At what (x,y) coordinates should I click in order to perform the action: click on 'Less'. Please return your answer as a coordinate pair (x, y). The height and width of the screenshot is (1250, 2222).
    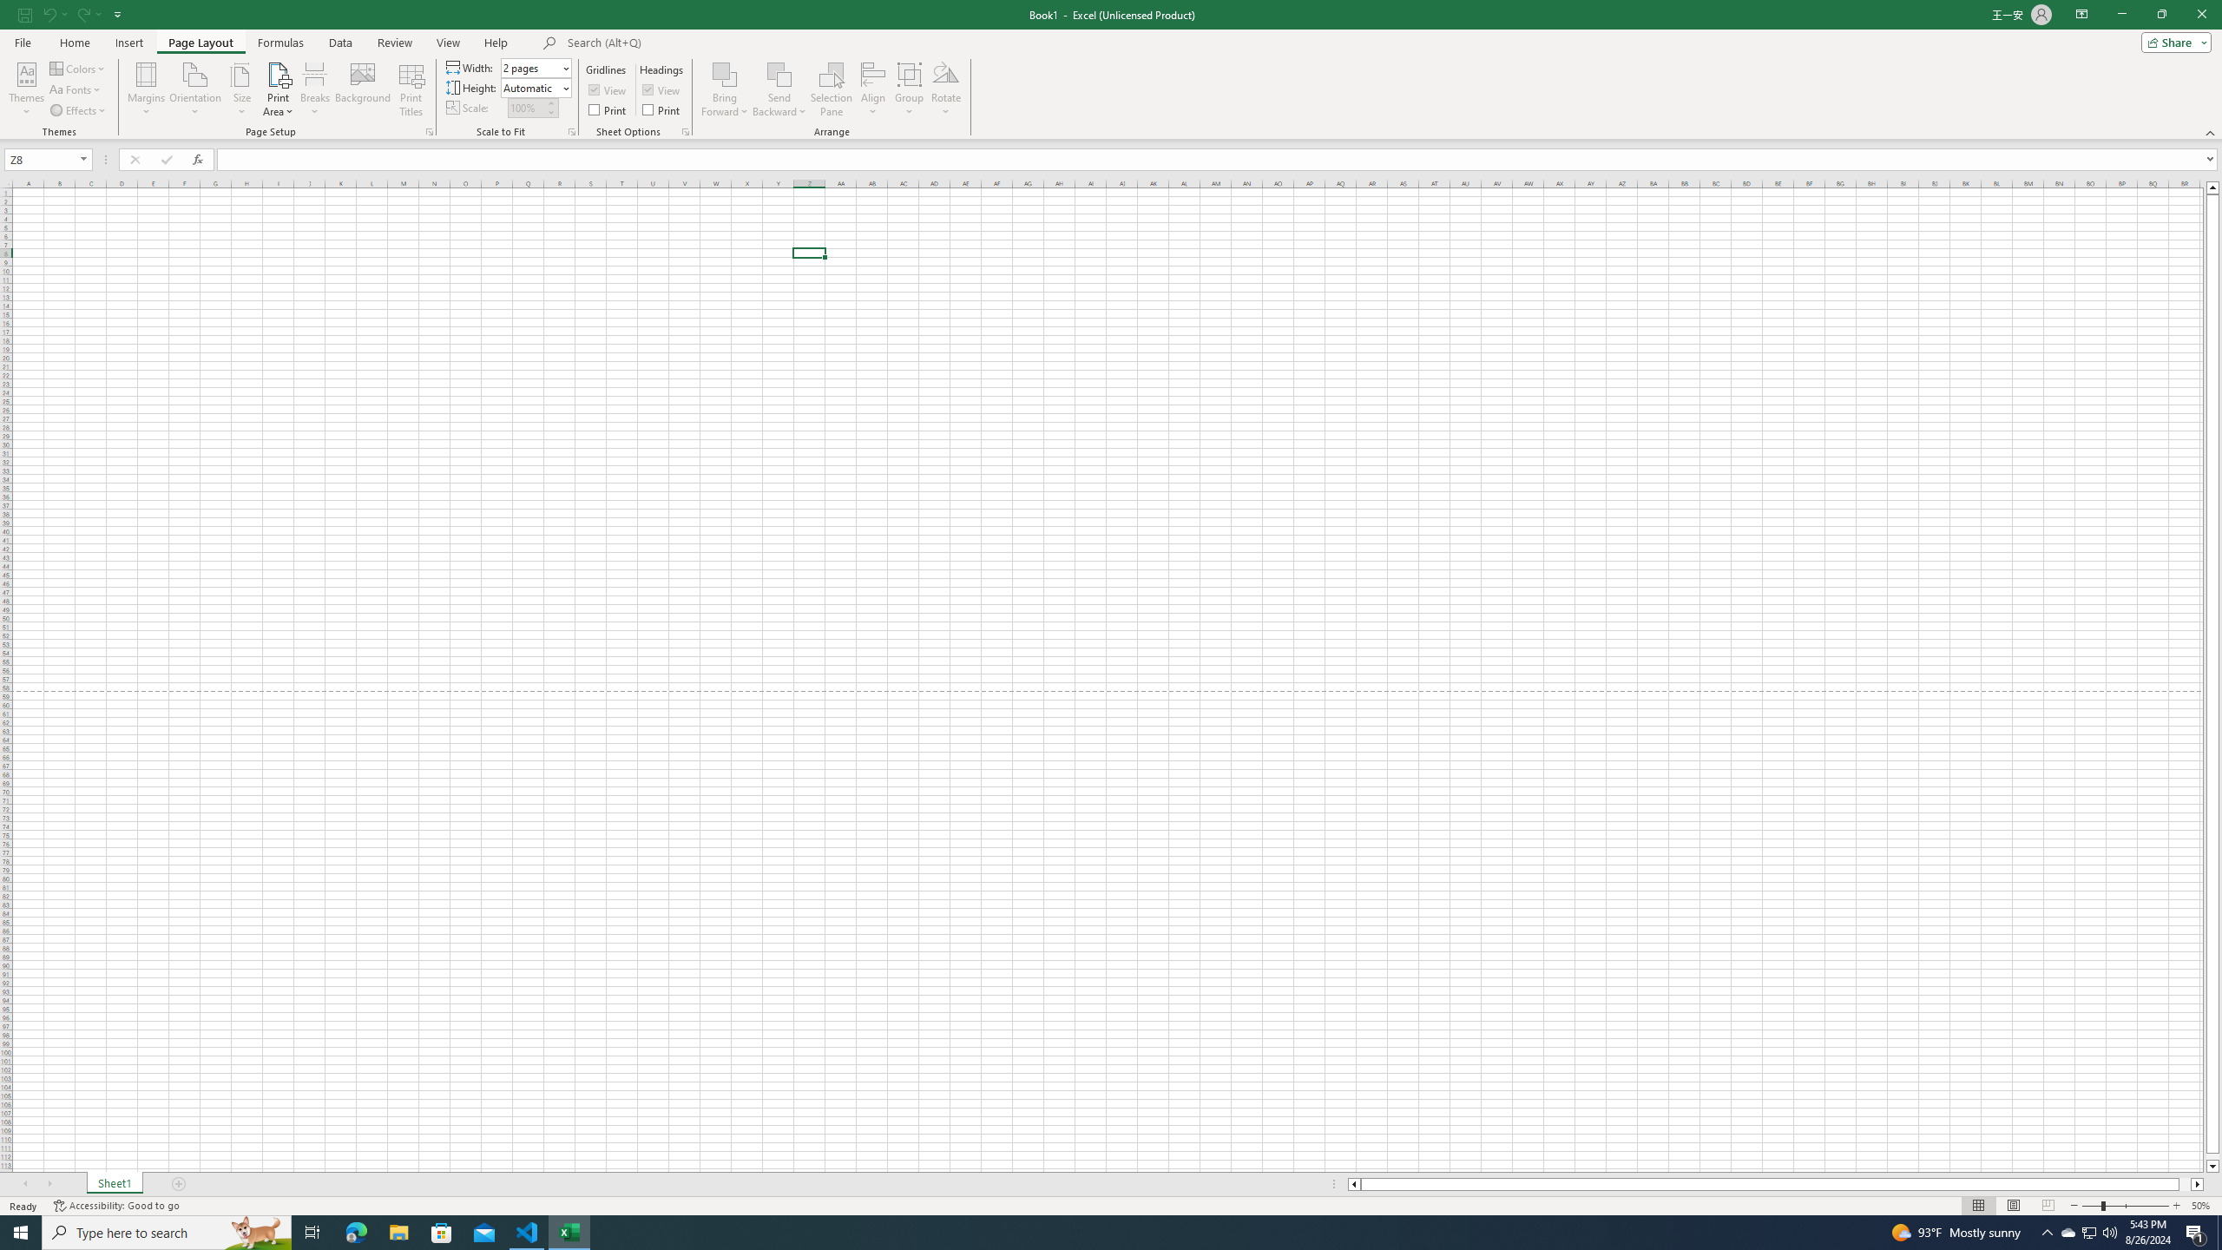
    Looking at the image, I should click on (549, 112).